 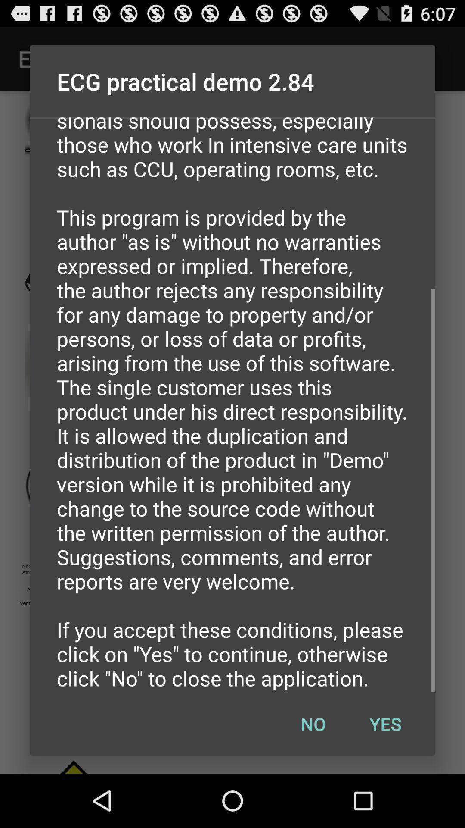 I want to click on the item below kapelis aristidis 2014, so click(x=313, y=724).